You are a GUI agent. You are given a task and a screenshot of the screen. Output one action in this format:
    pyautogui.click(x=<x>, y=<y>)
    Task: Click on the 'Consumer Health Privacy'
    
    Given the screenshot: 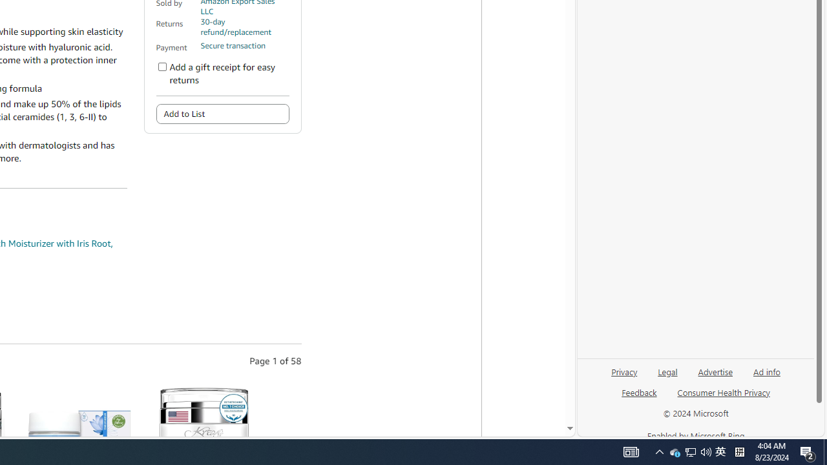 What is the action you would take?
    pyautogui.click(x=724, y=397)
    